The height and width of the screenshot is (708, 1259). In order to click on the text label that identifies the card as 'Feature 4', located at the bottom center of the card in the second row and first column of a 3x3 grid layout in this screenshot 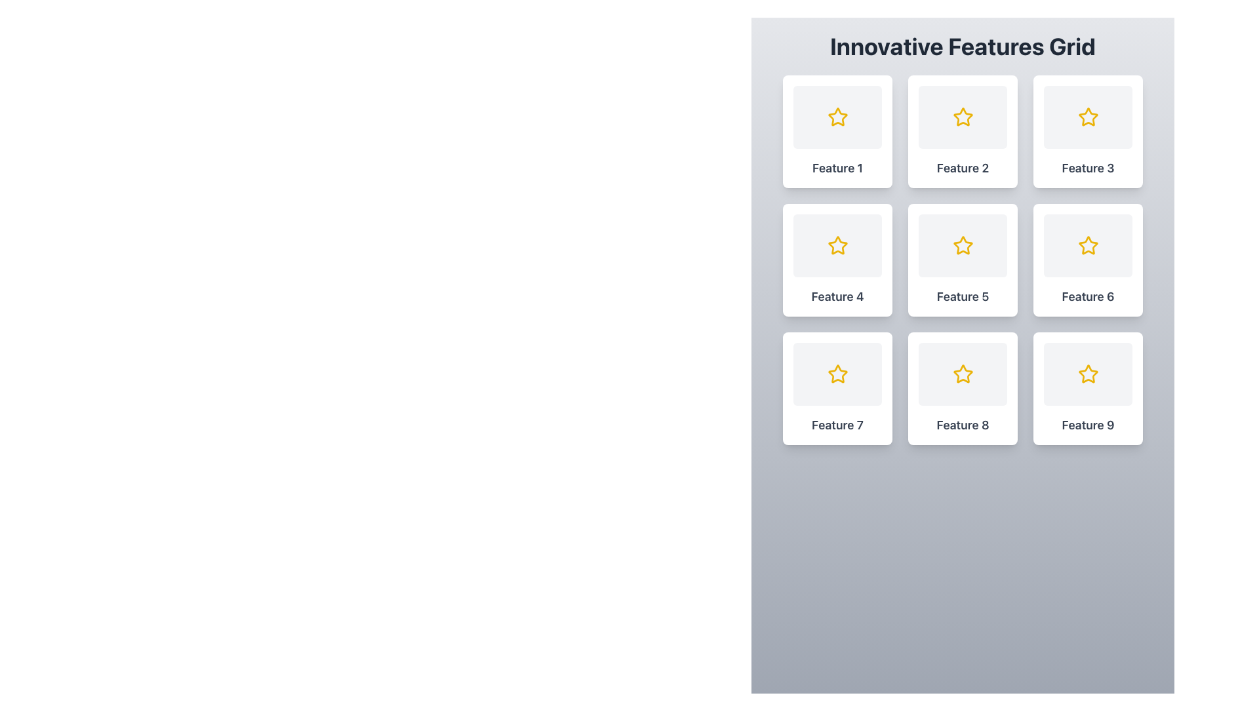, I will do `click(837, 296)`.